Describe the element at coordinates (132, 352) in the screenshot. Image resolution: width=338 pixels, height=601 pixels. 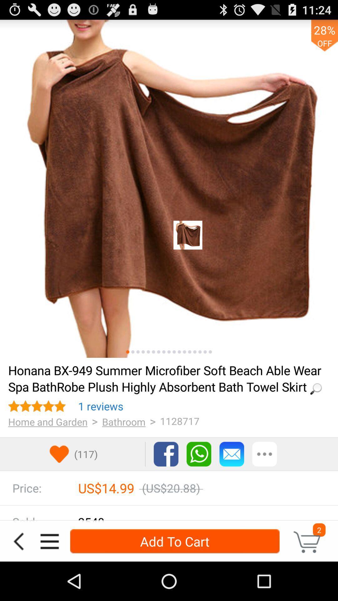
I see `next image of the same product` at that location.